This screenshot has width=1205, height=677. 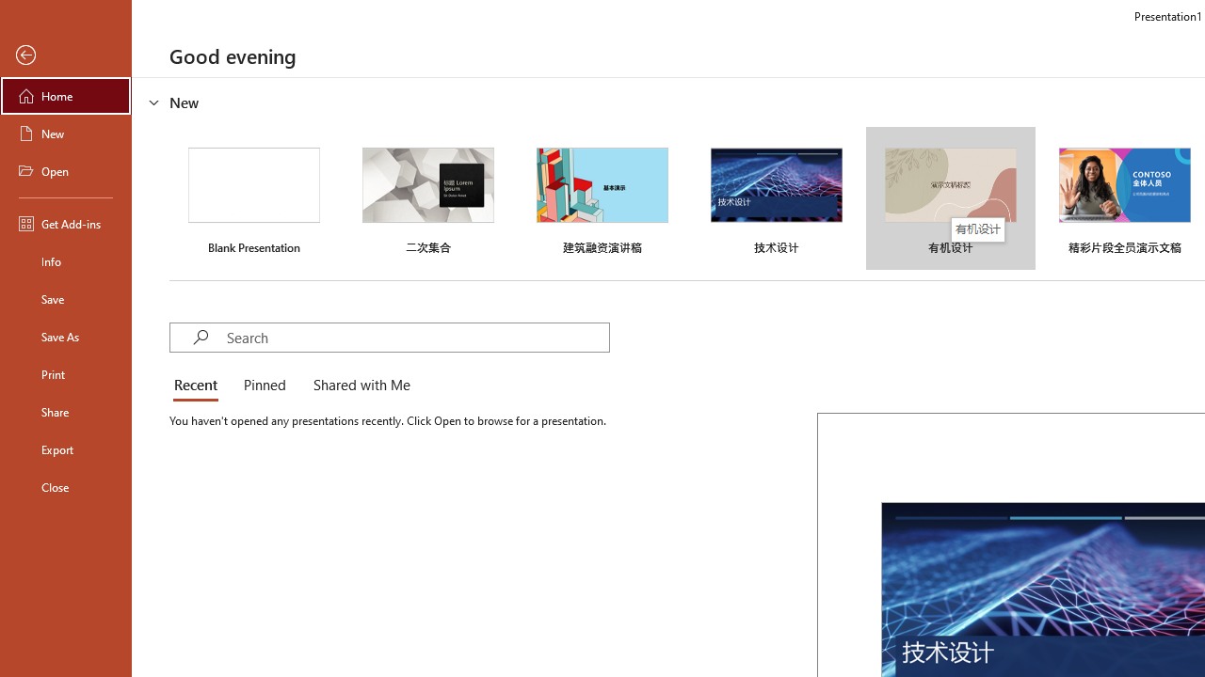 I want to click on 'Pinned', so click(x=263, y=386).